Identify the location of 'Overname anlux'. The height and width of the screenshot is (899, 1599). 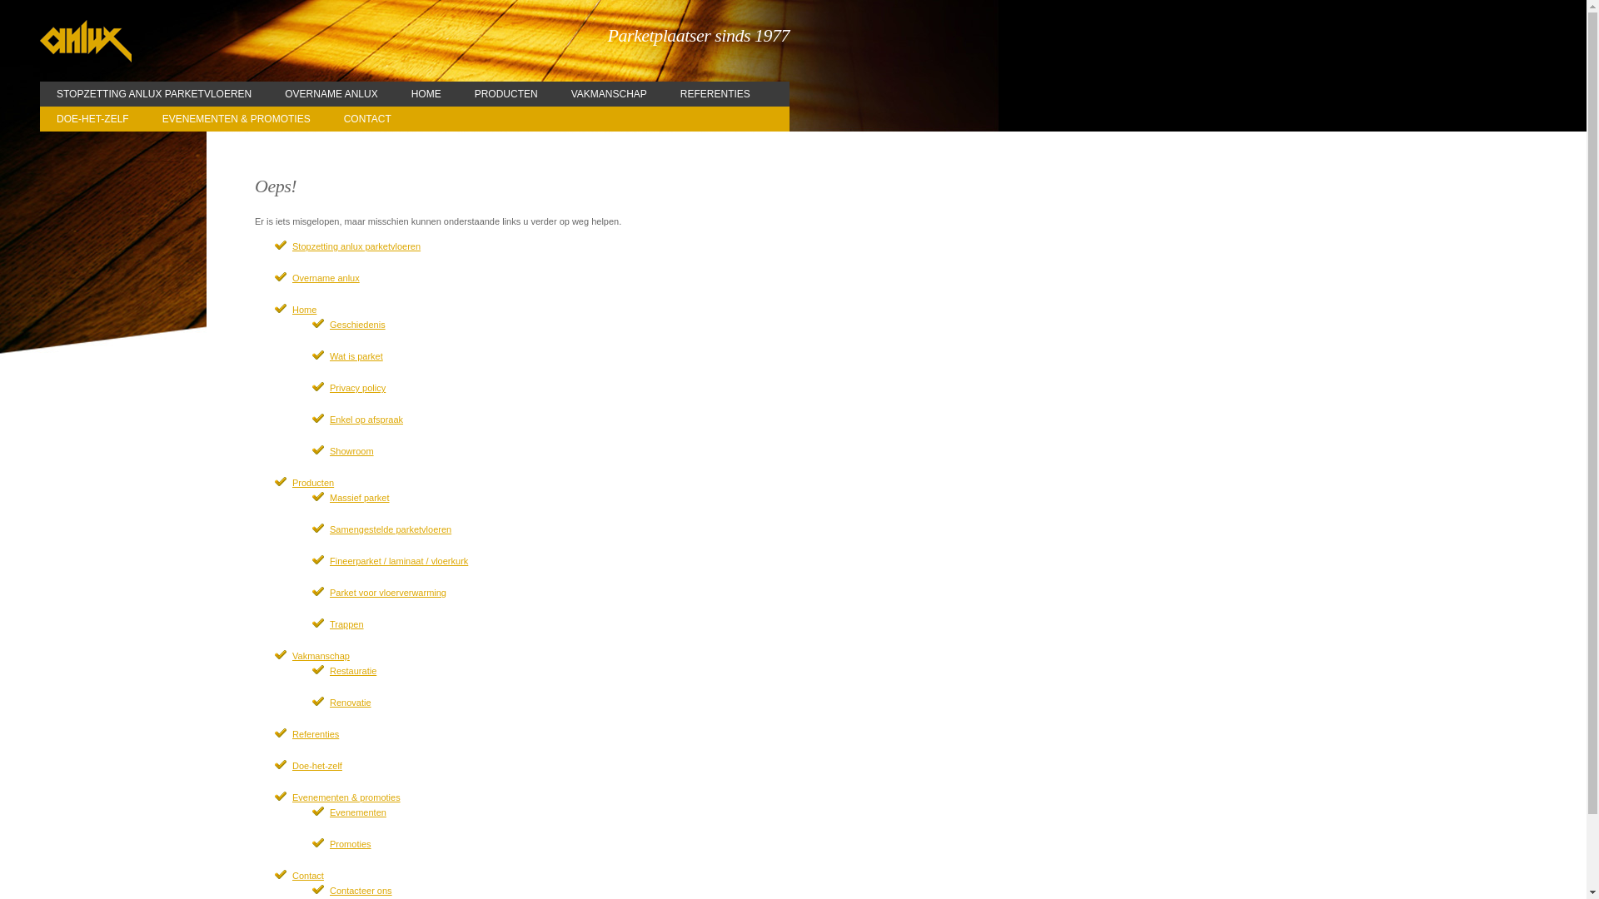
(326, 277).